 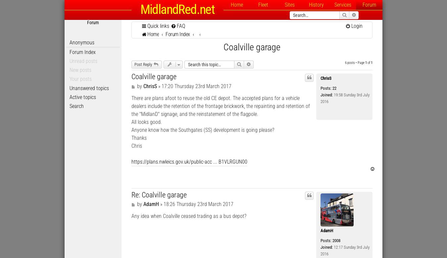 What do you see at coordinates (82, 96) in the screenshot?
I see `'Active topics'` at bounding box center [82, 96].